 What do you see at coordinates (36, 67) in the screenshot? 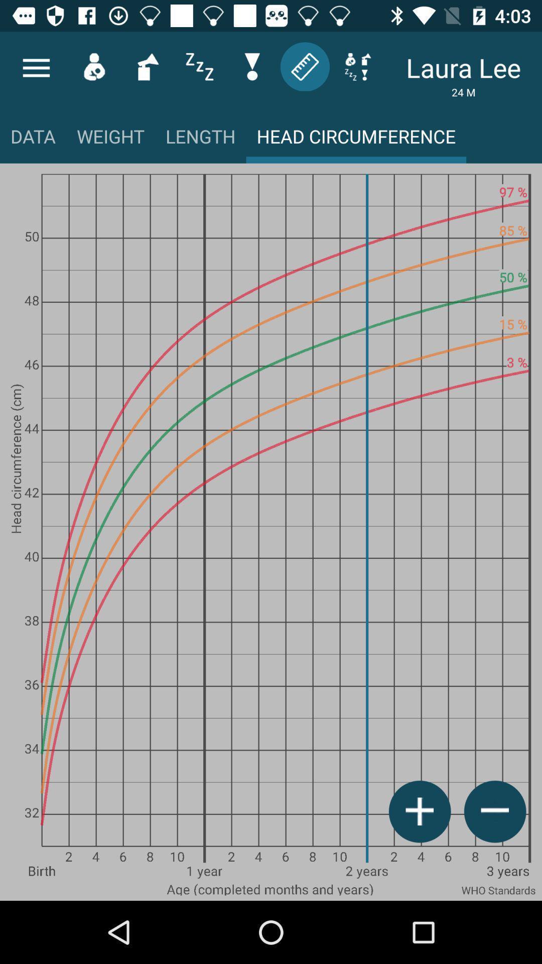
I see `the menu icon` at bounding box center [36, 67].